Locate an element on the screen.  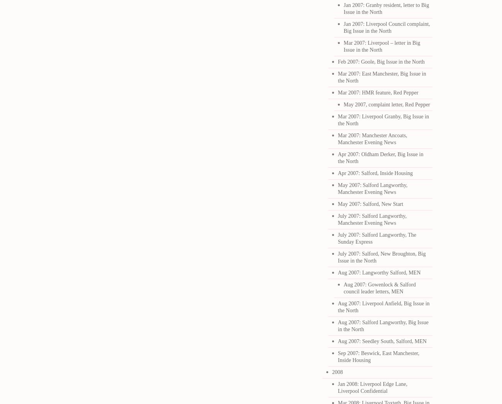
'Apr 2007: Oldham Derker, Big Issue in the North' is located at coordinates (380, 158).